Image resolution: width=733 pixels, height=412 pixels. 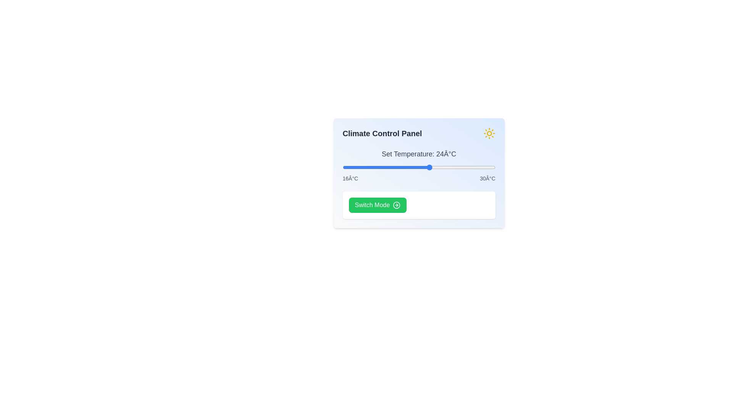 I want to click on the temperature, so click(x=386, y=167).